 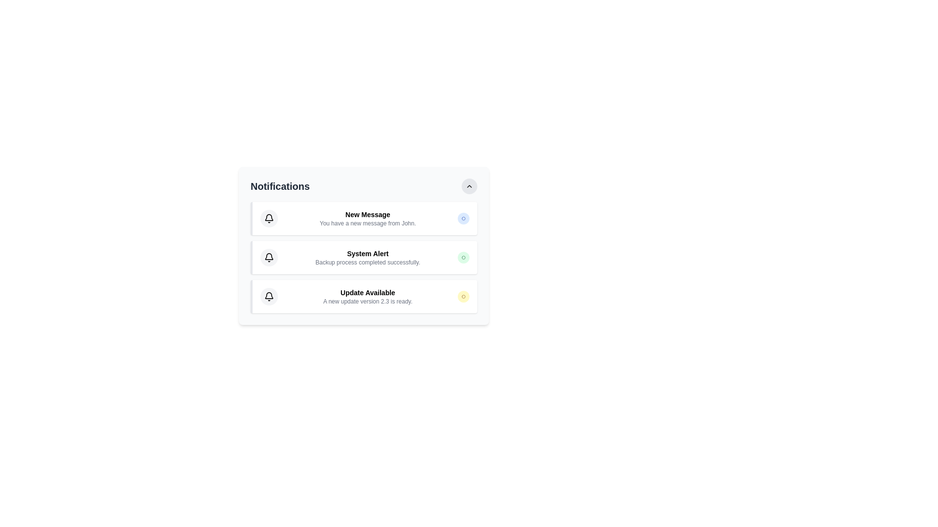 What do you see at coordinates (279, 186) in the screenshot?
I see `label of the heading text in the notifications panel, which indicates the section's purpose` at bounding box center [279, 186].